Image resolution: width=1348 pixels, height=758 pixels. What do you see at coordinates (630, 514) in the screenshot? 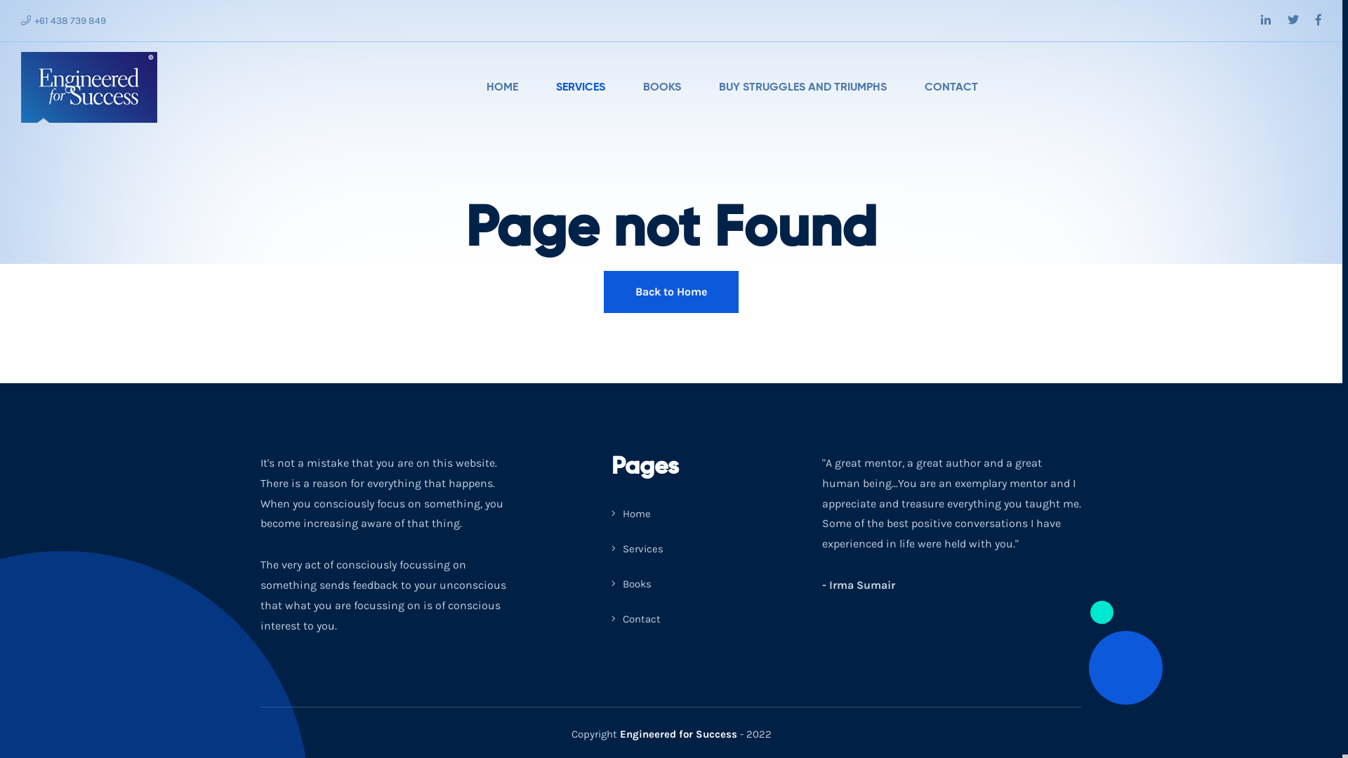
I see `'Home'` at bounding box center [630, 514].